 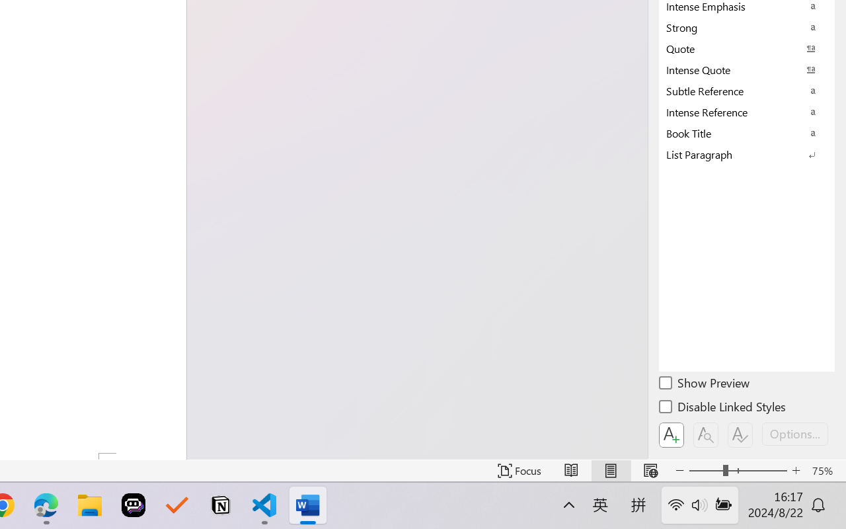 I want to click on 'Disable Linked Styles', so click(x=723, y=409).